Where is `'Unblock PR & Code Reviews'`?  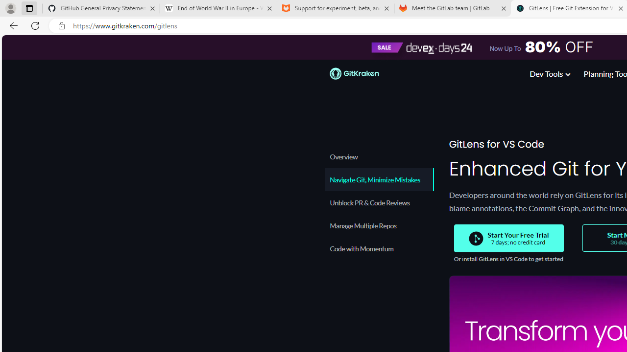
'Unblock PR & Code Reviews' is located at coordinates (379, 202).